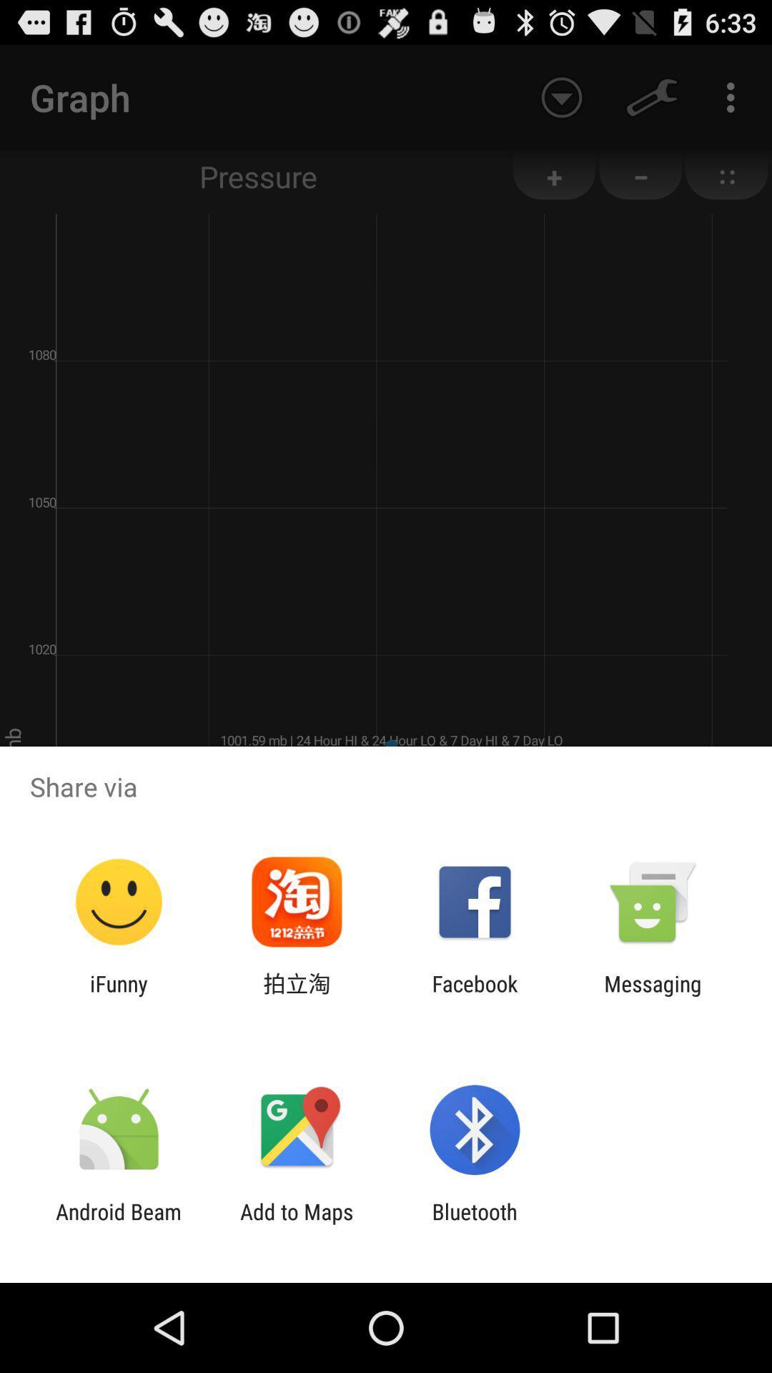  I want to click on the item next to ifunny, so click(296, 995).